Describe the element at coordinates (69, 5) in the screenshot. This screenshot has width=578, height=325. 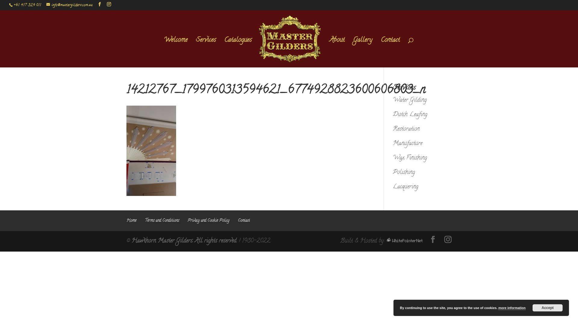
I see `'info@mastergilders.com.au'` at that location.